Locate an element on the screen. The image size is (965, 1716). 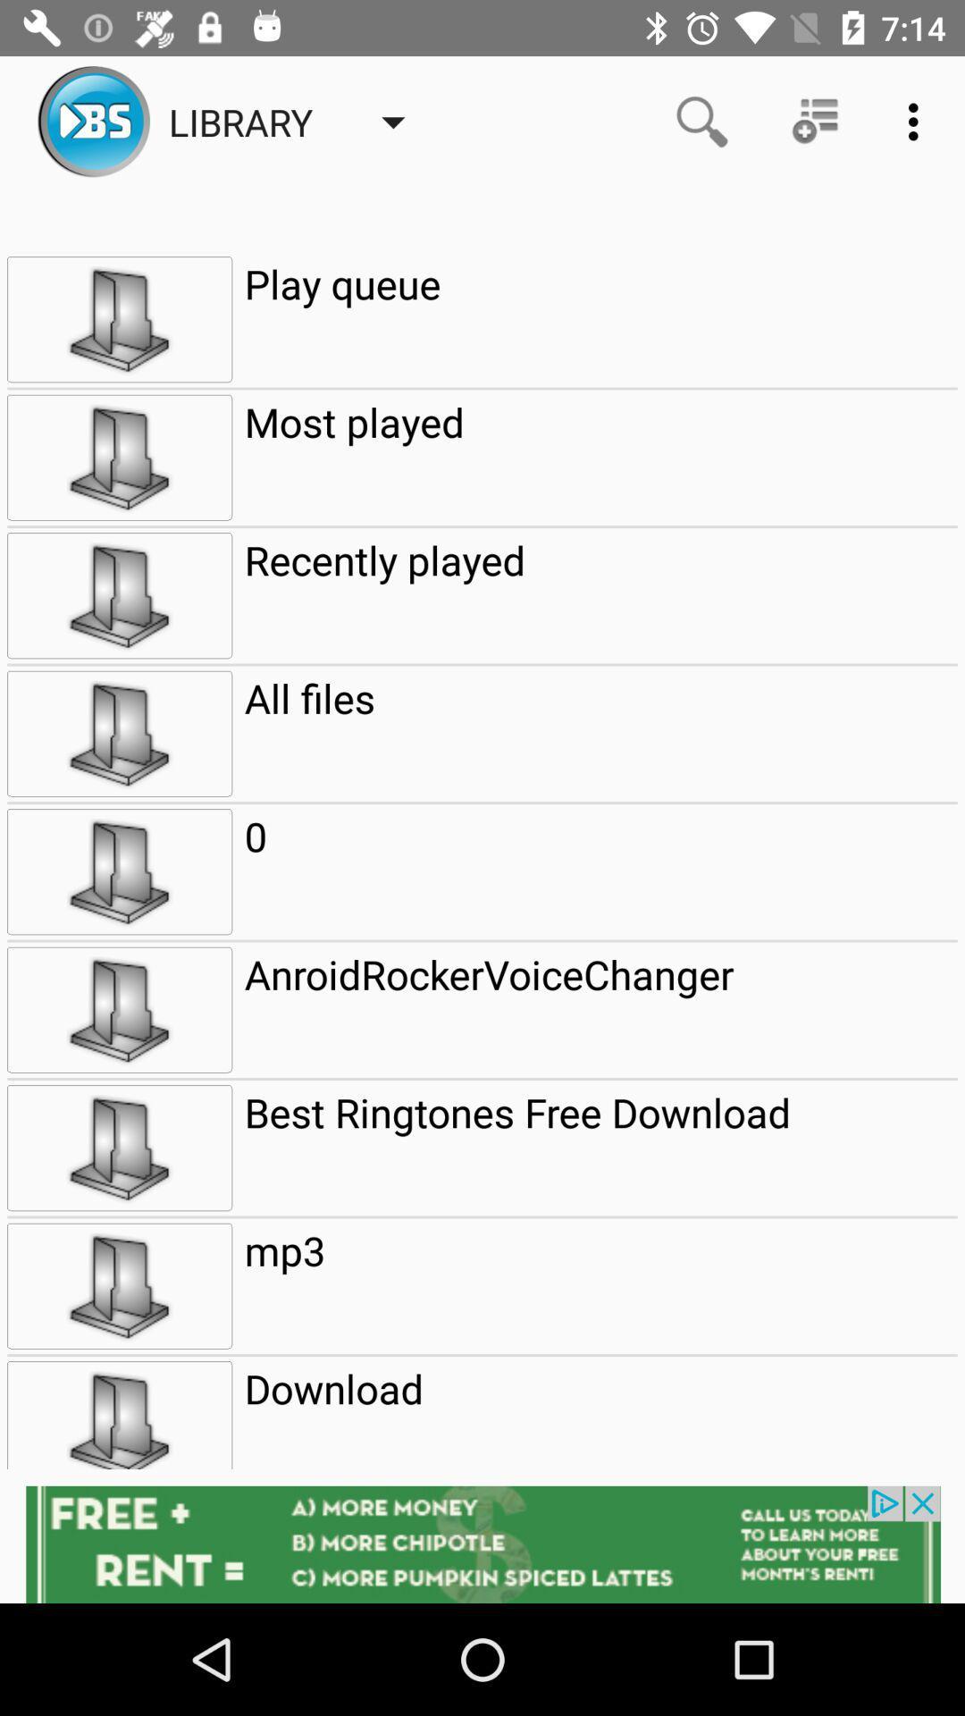
advertisemend is located at coordinates (482, 1544).